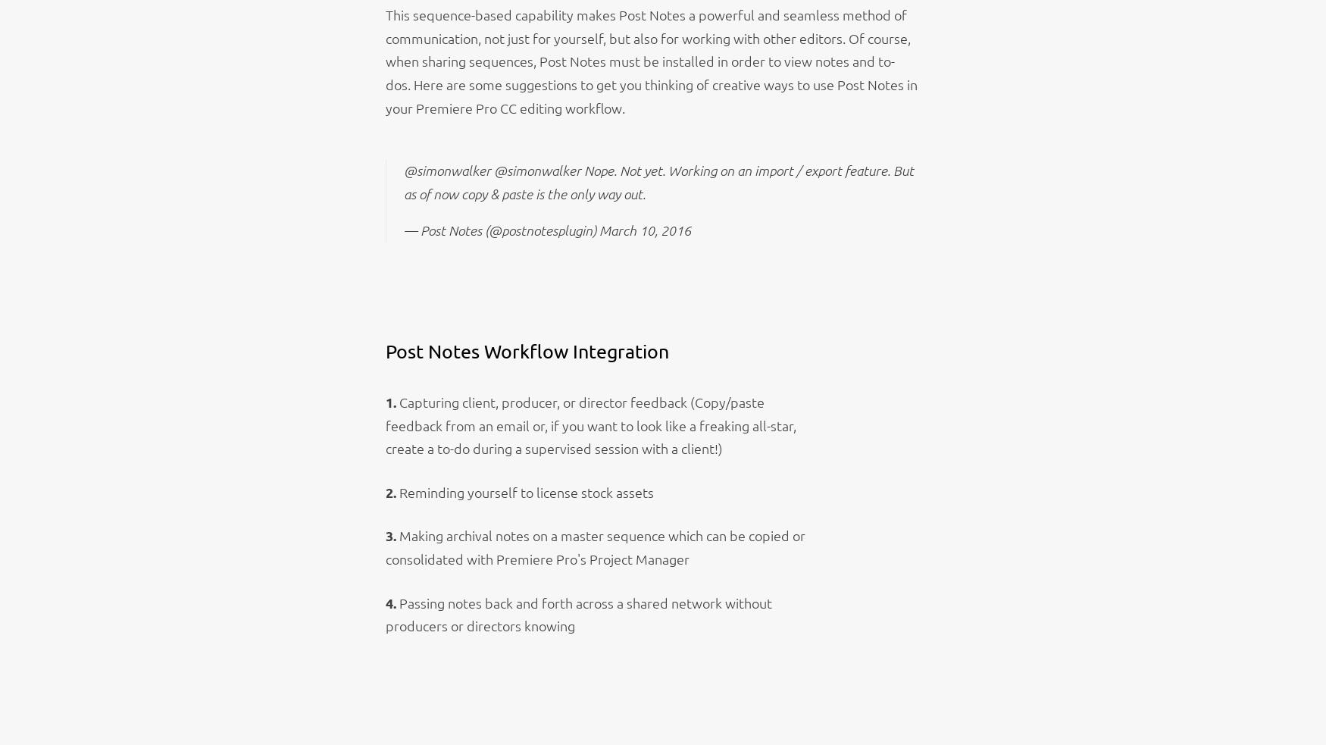  I want to click on '3.', so click(384, 534).